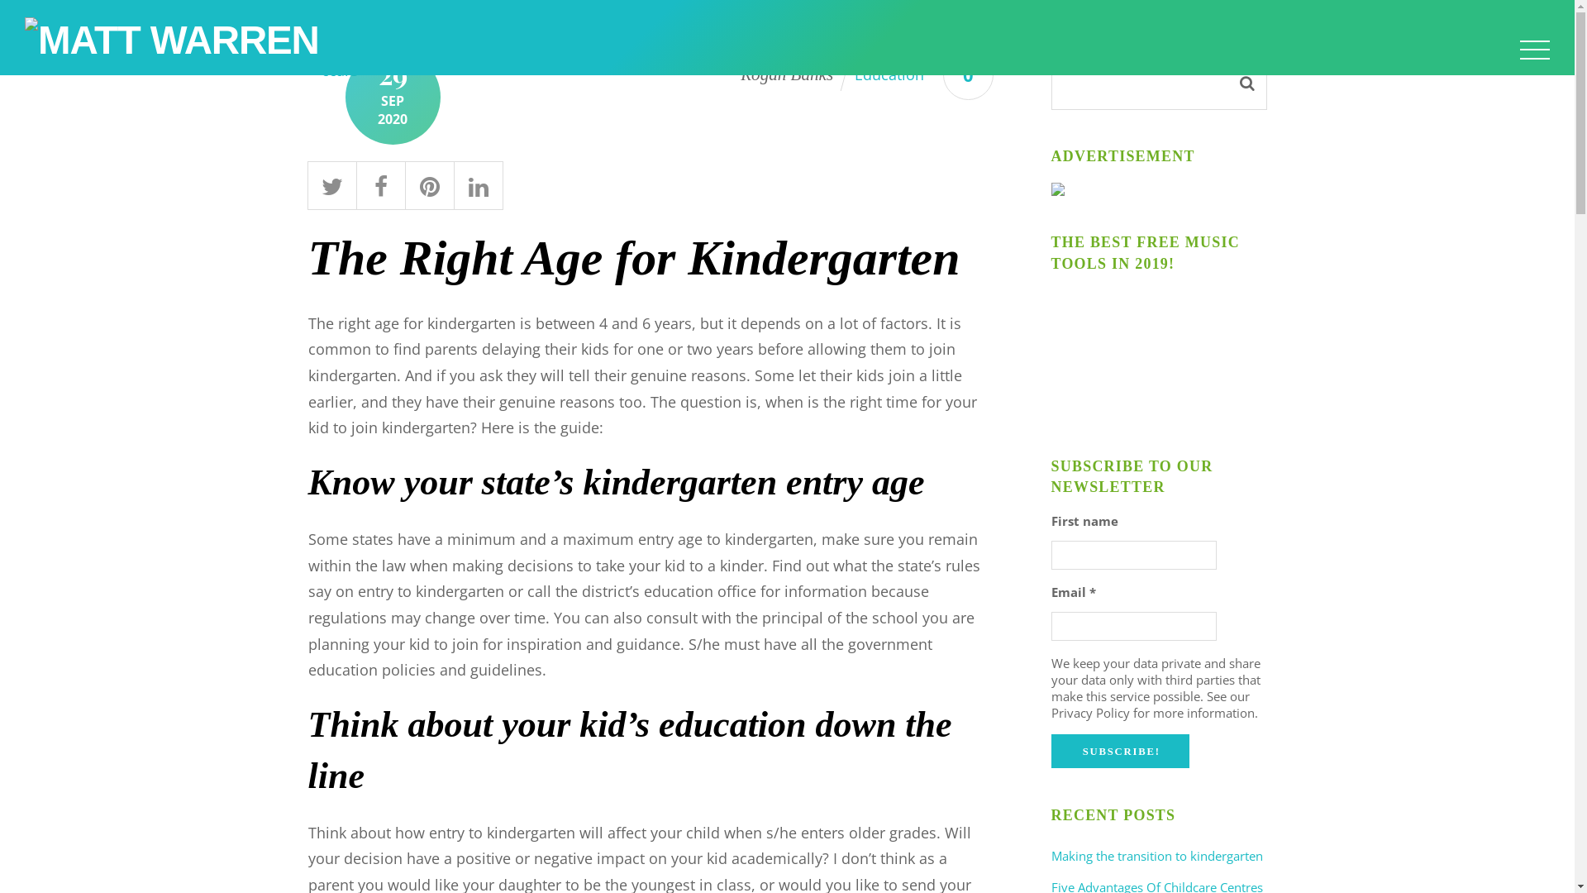  I want to click on 'Education', so click(888, 73).